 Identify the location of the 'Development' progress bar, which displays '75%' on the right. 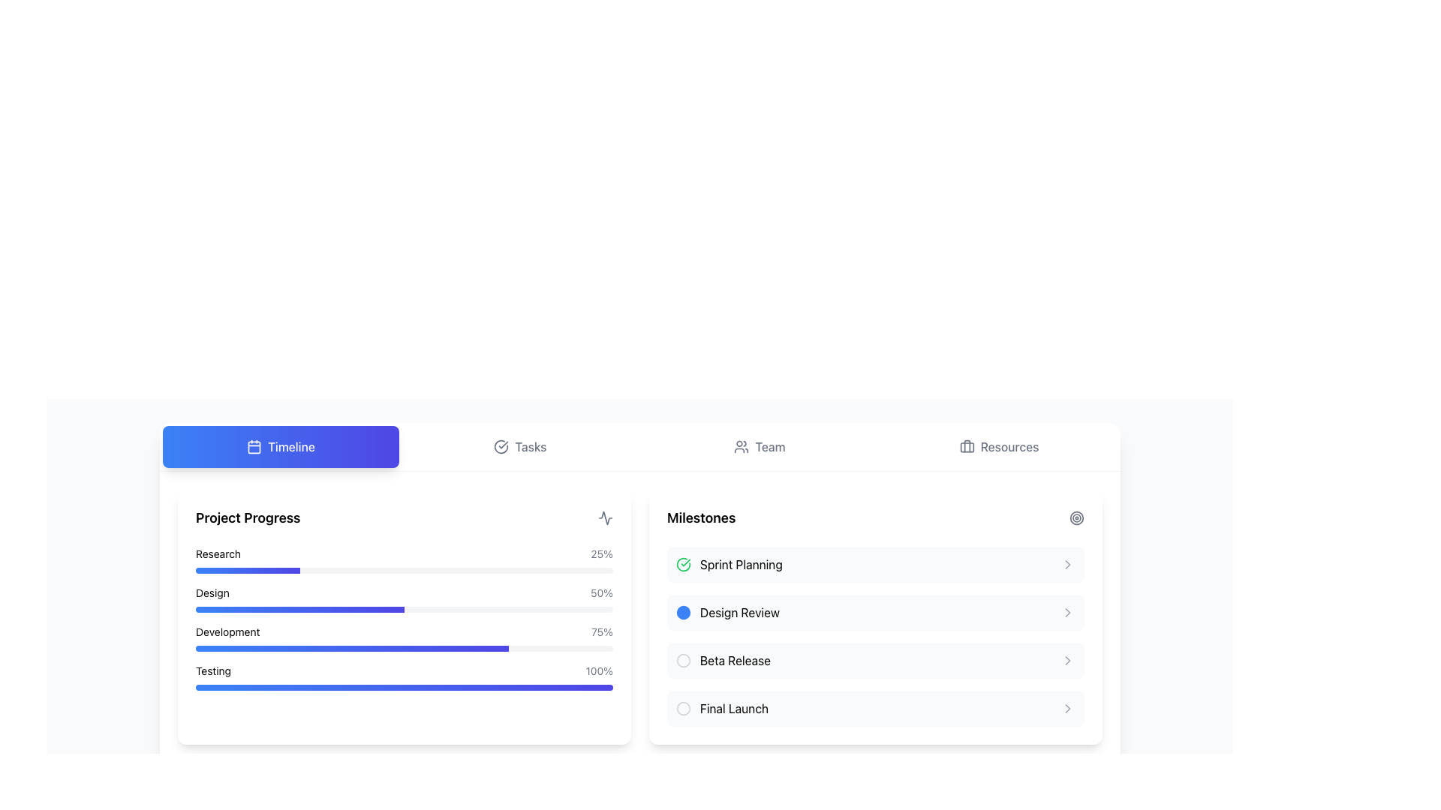
(404, 619).